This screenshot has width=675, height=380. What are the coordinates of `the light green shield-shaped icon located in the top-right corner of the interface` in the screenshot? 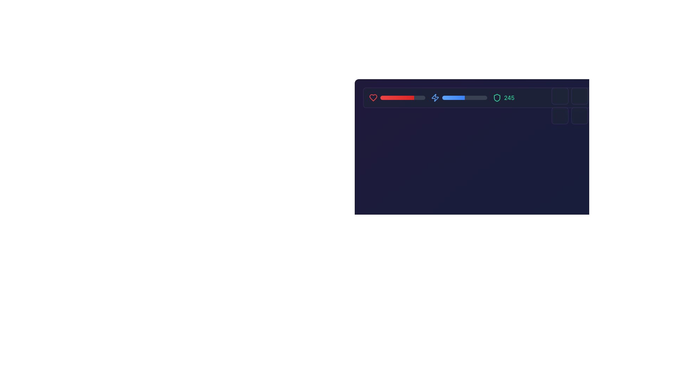 It's located at (497, 97).